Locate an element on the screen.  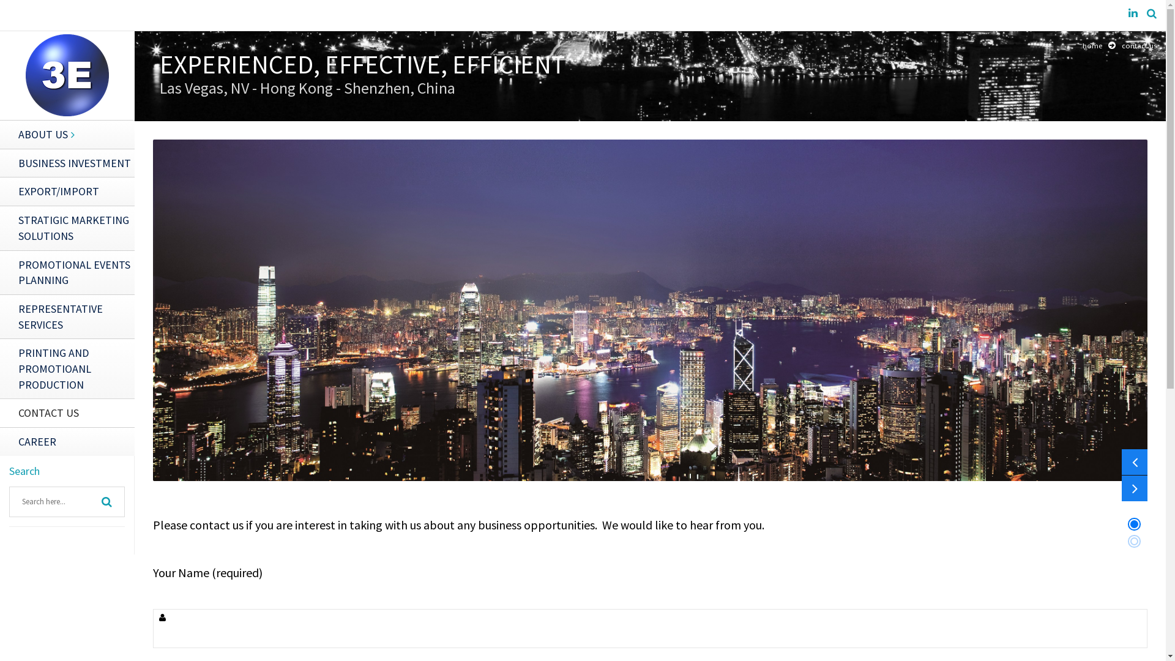
'home' is located at coordinates (1092, 45).